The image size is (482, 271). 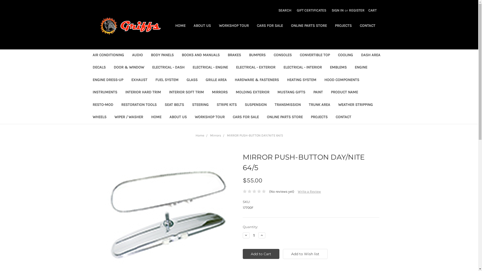 What do you see at coordinates (210, 135) in the screenshot?
I see `'Mirrors'` at bounding box center [210, 135].